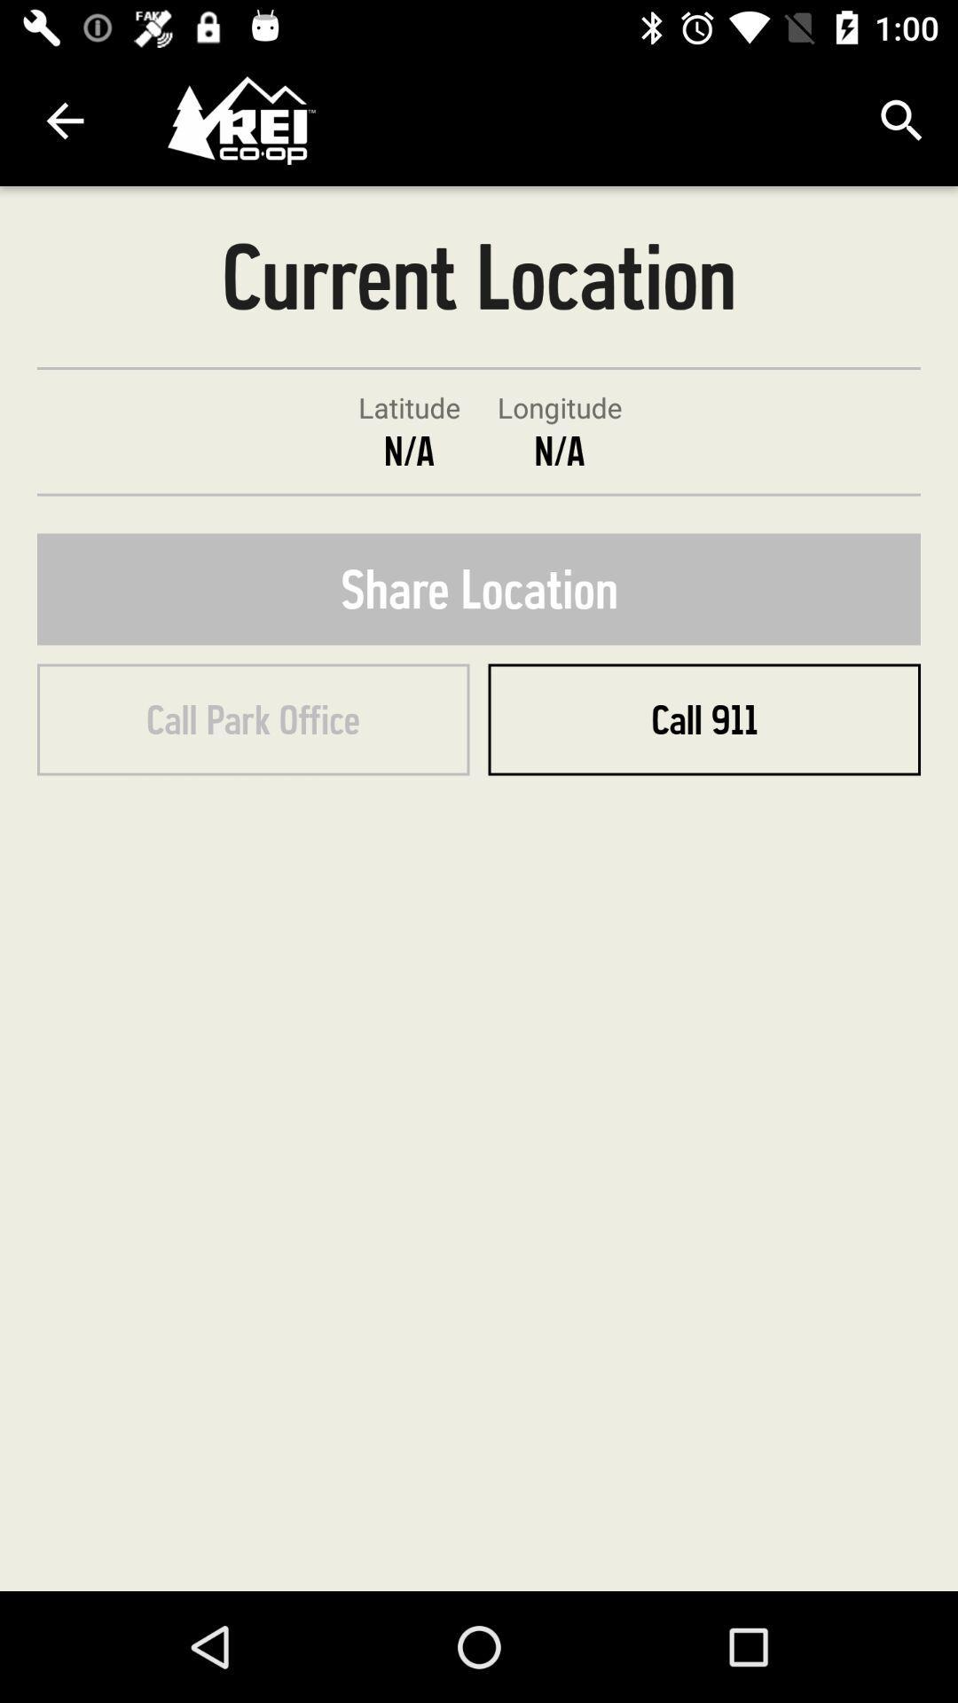 This screenshot has height=1703, width=958. I want to click on the call park office on the left, so click(253, 719).